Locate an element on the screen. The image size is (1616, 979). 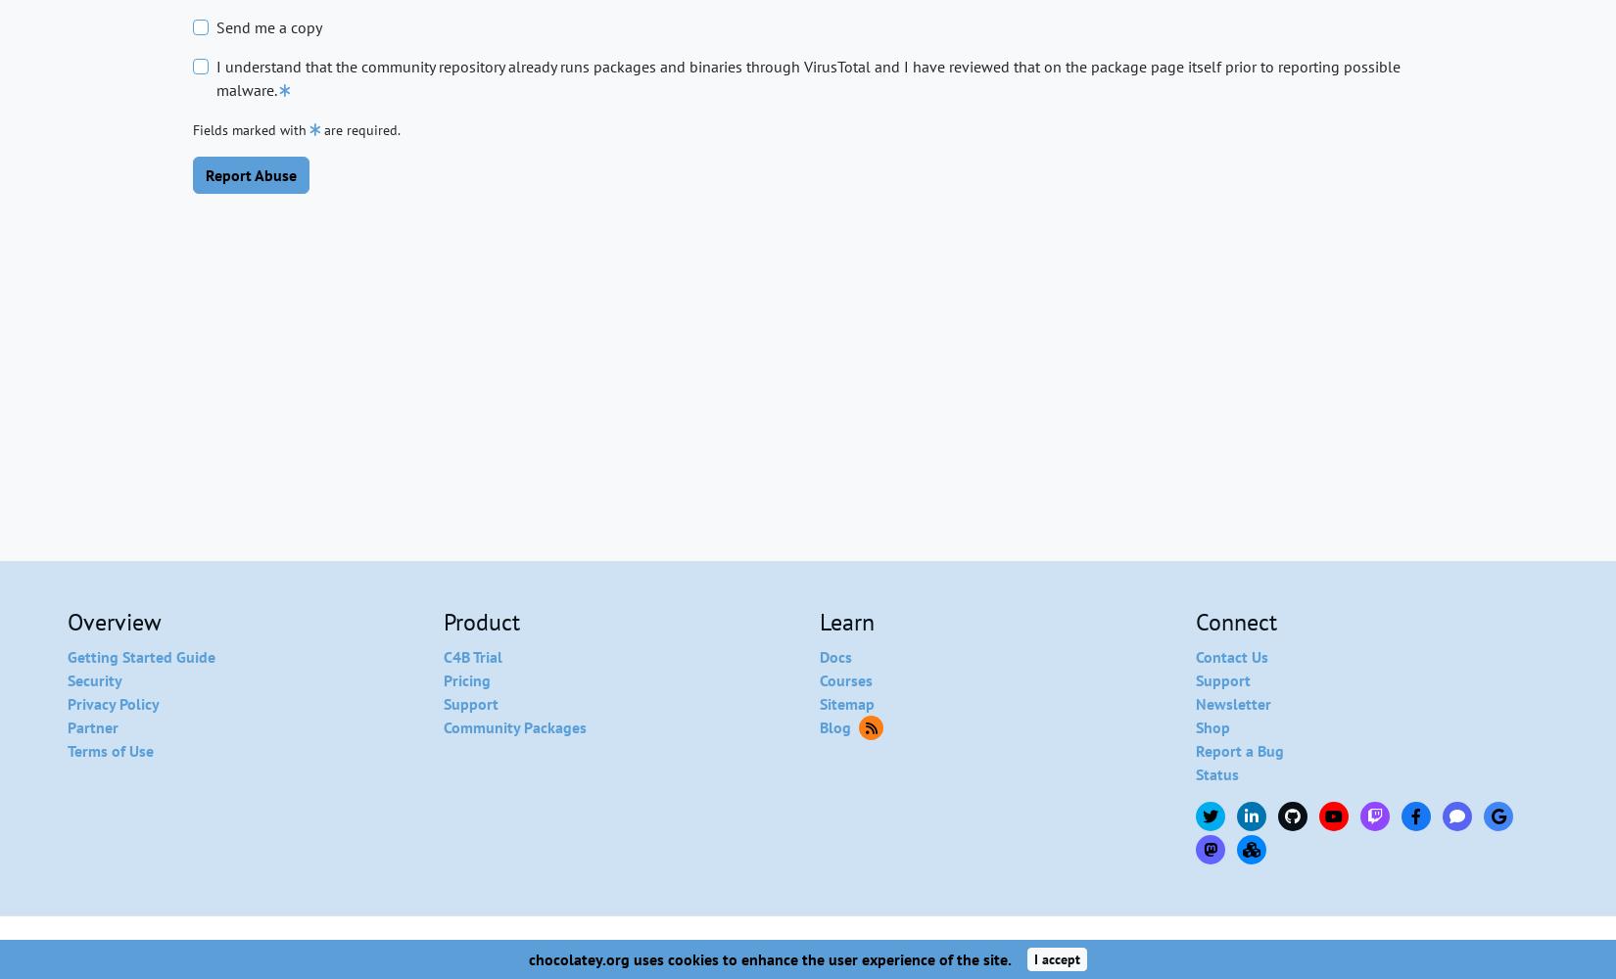
'Contact Us' is located at coordinates (1230, 657).